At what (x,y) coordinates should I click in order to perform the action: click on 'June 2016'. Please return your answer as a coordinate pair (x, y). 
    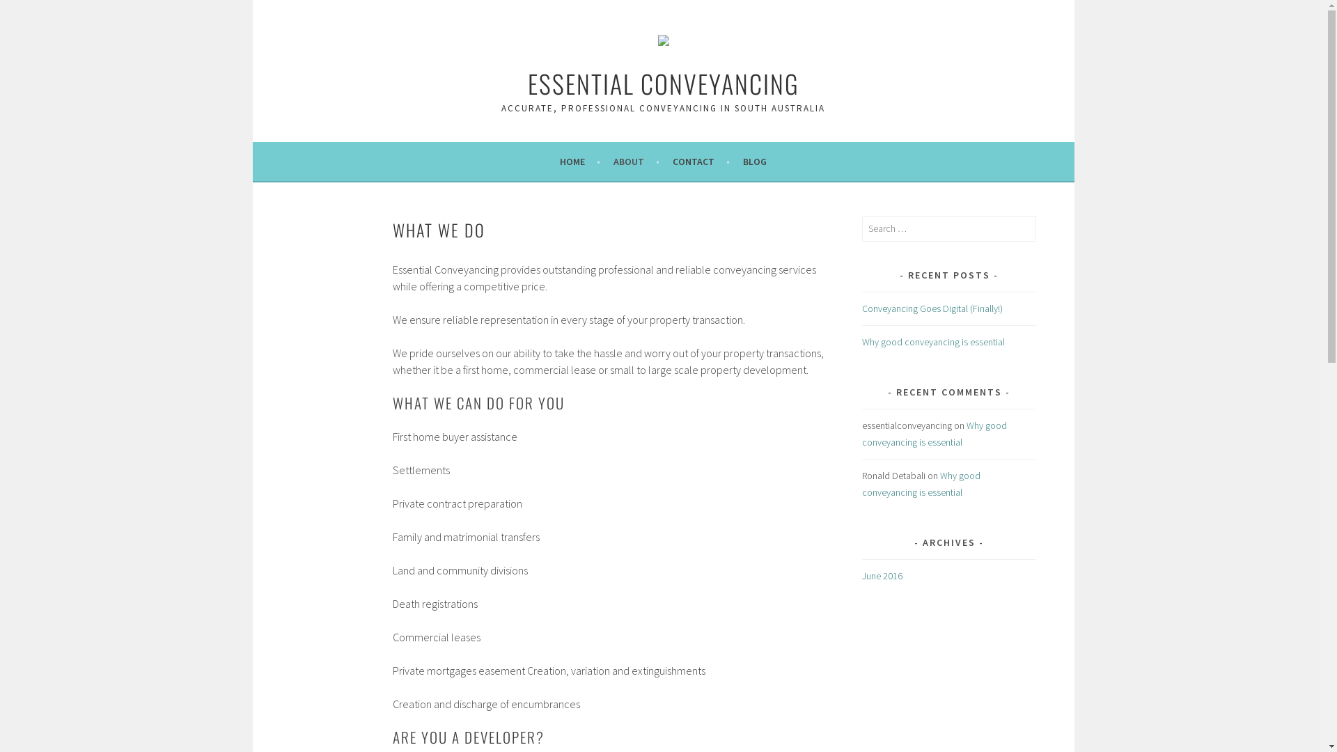
    Looking at the image, I should click on (882, 575).